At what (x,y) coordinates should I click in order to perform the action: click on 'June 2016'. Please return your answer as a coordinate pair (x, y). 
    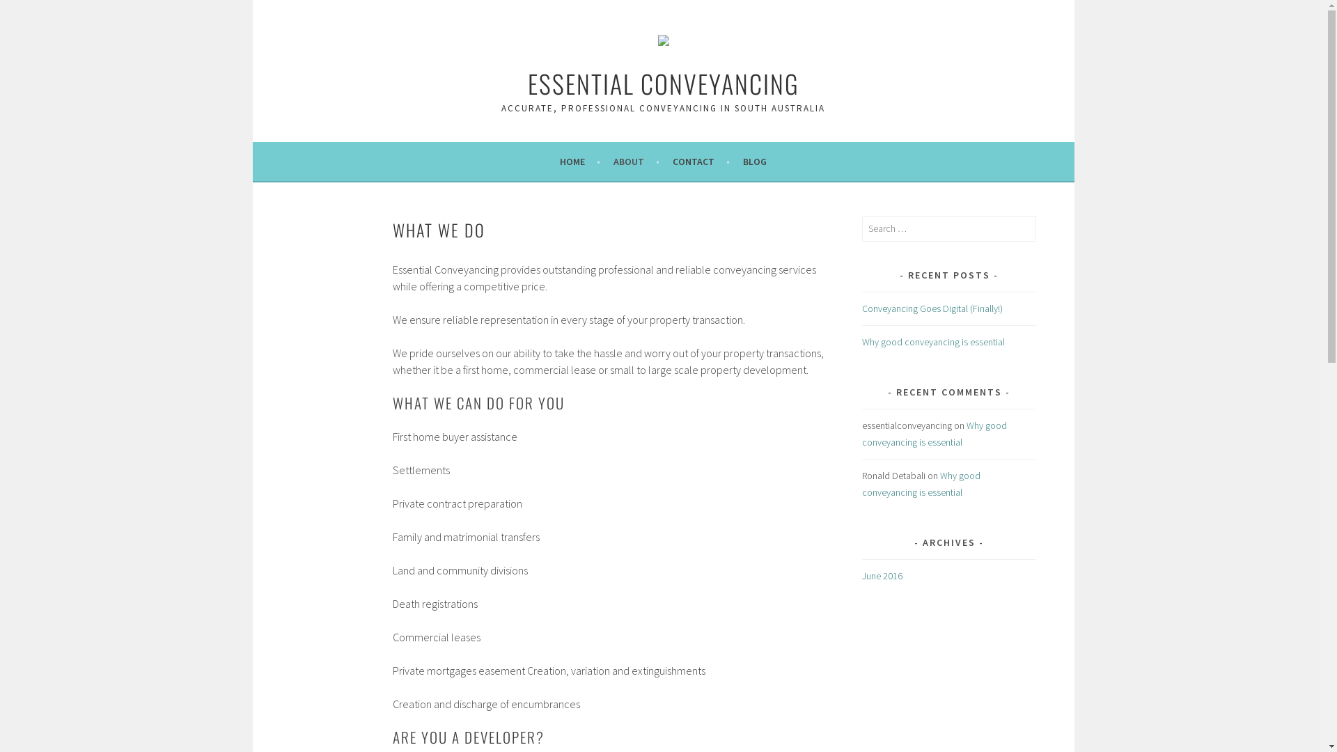
    Looking at the image, I should click on (882, 575).